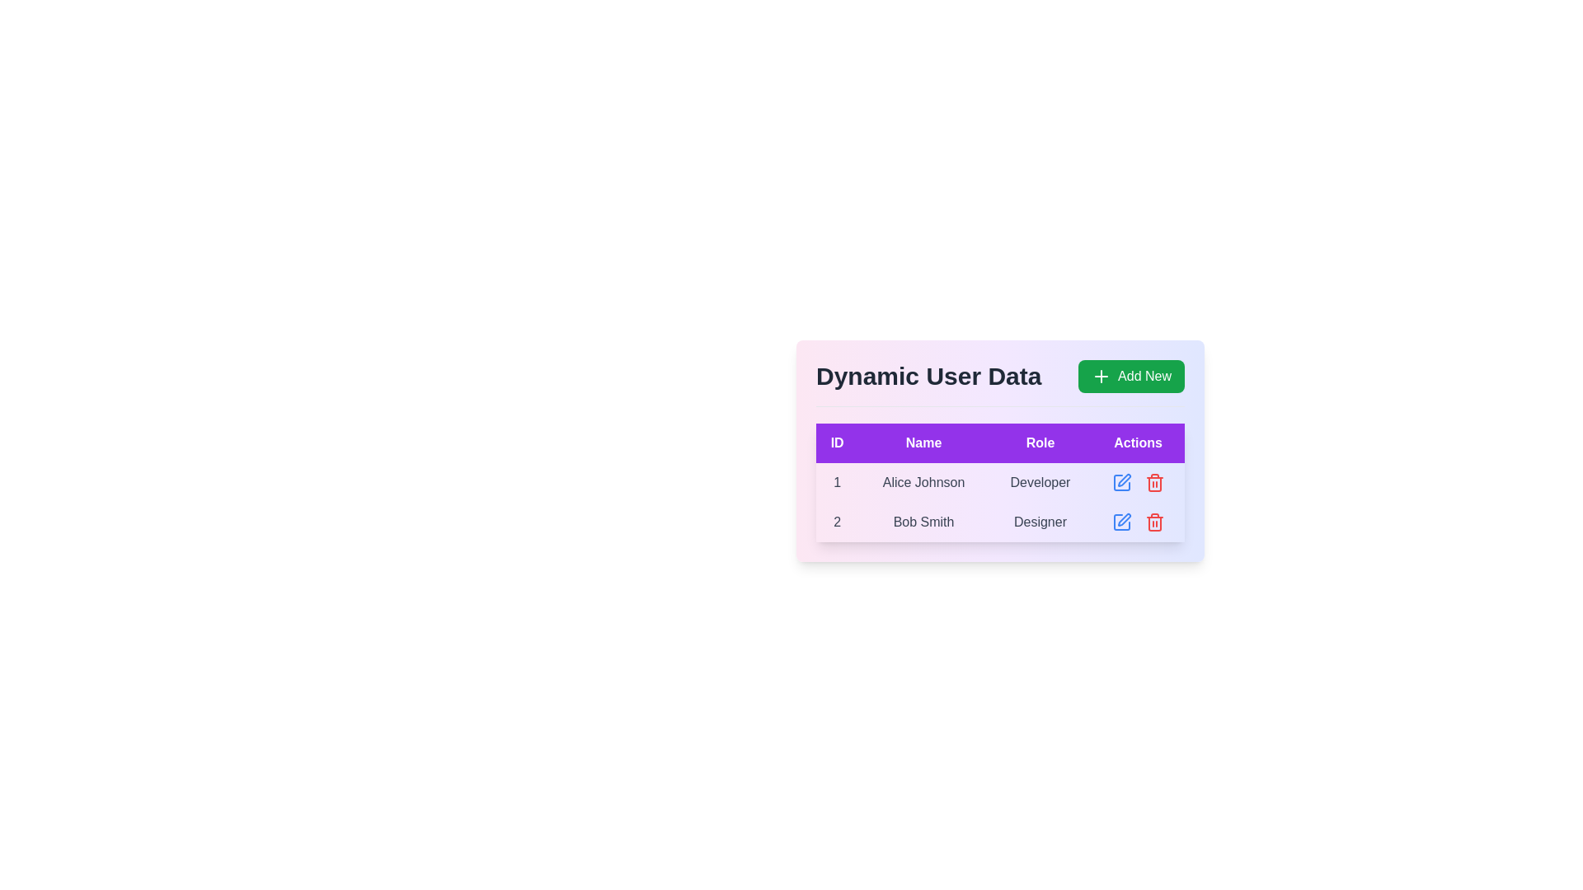 Image resolution: width=1583 pixels, height=890 pixels. I want to click on header text 'Dynamic User Data' located in the header bar at the top of the card interface, so click(999, 383).